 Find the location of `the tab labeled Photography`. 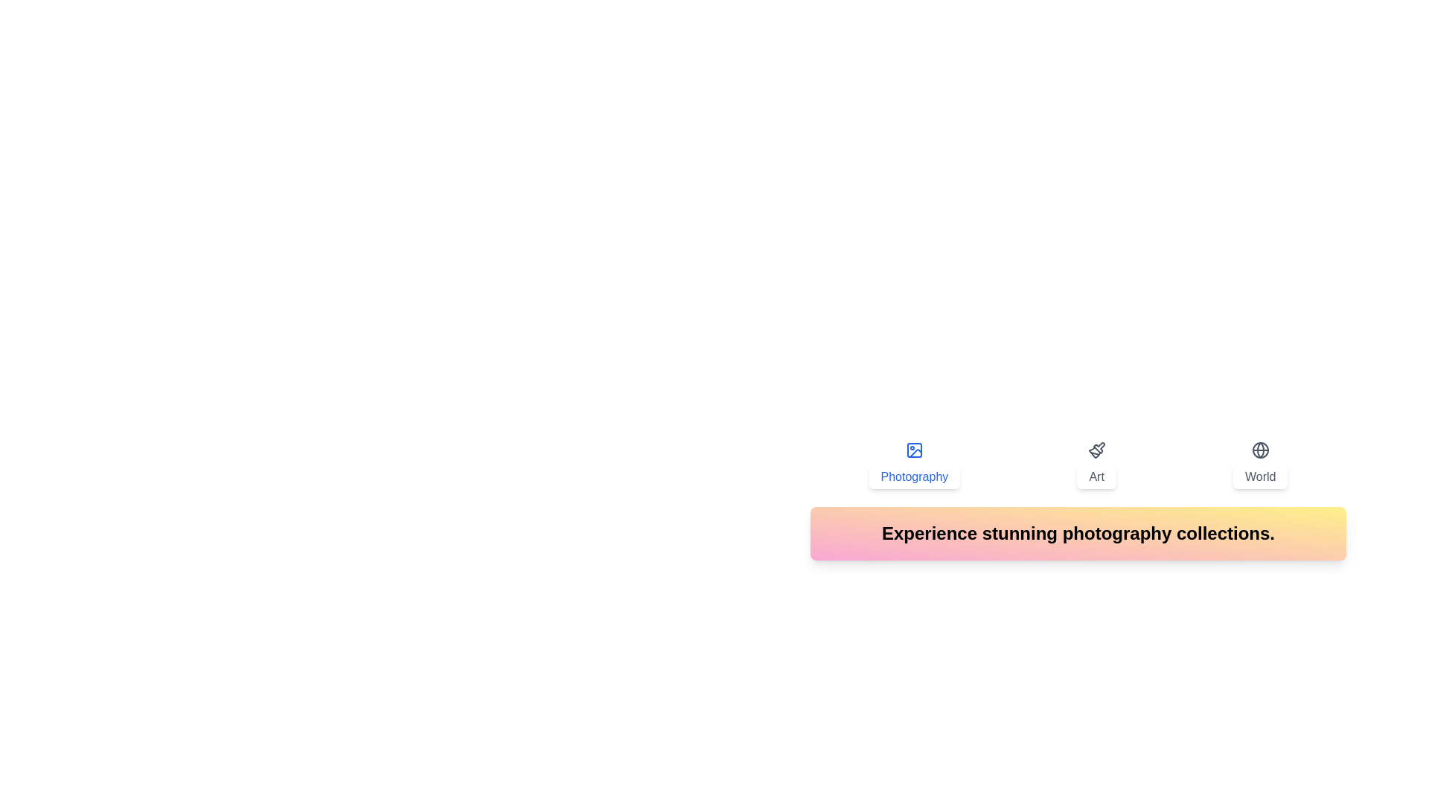

the tab labeled Photography is located at coordinates (913, 464).